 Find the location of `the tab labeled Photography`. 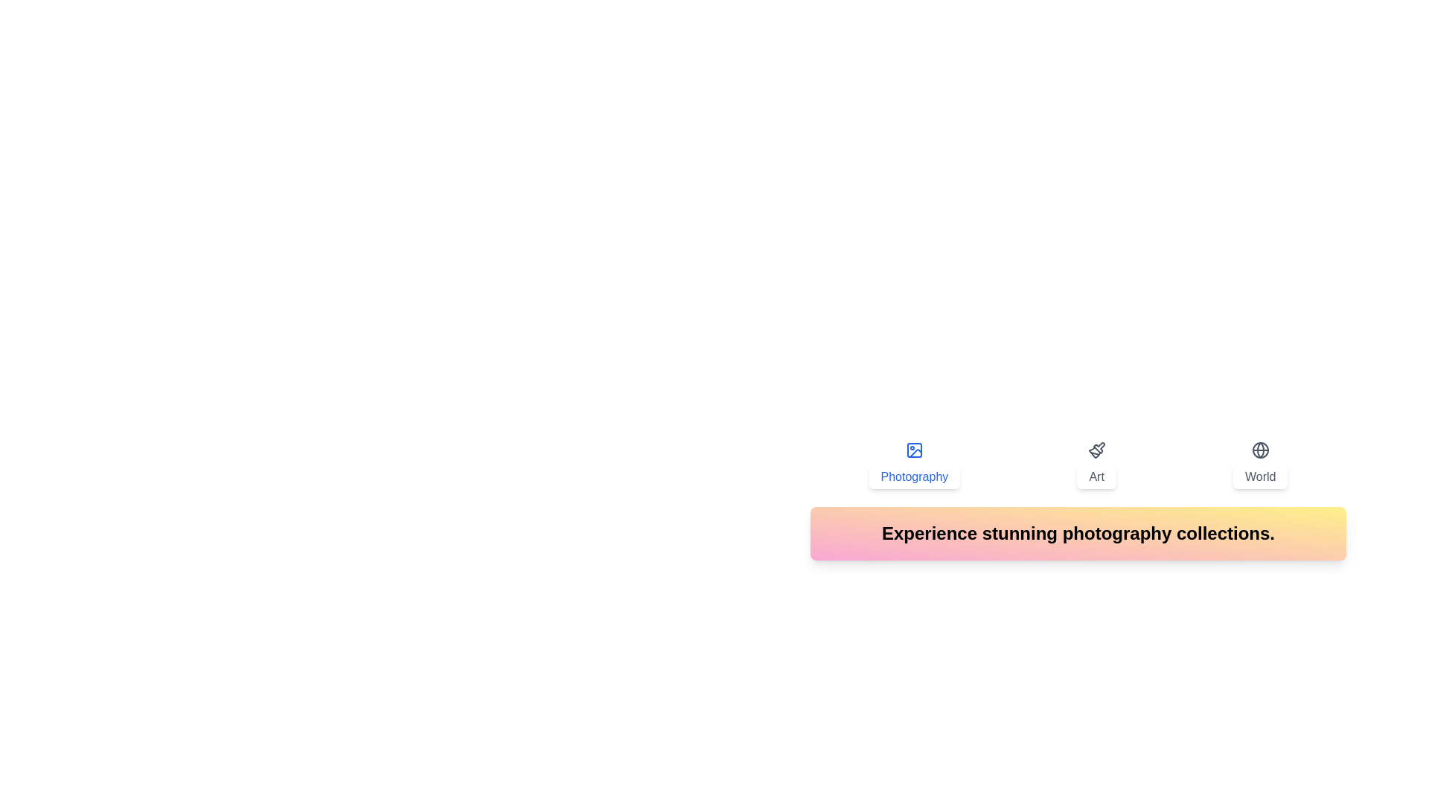

the tab labeled Photography is located at coordinates (913, 464).